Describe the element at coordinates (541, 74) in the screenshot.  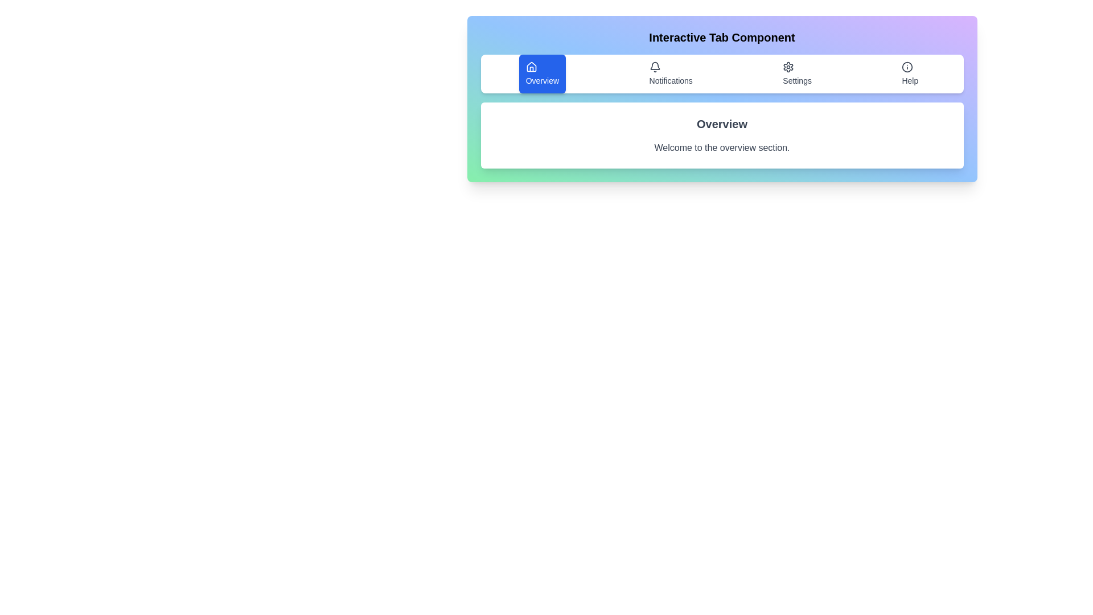
I see `the tab labeled Overview` at that location.